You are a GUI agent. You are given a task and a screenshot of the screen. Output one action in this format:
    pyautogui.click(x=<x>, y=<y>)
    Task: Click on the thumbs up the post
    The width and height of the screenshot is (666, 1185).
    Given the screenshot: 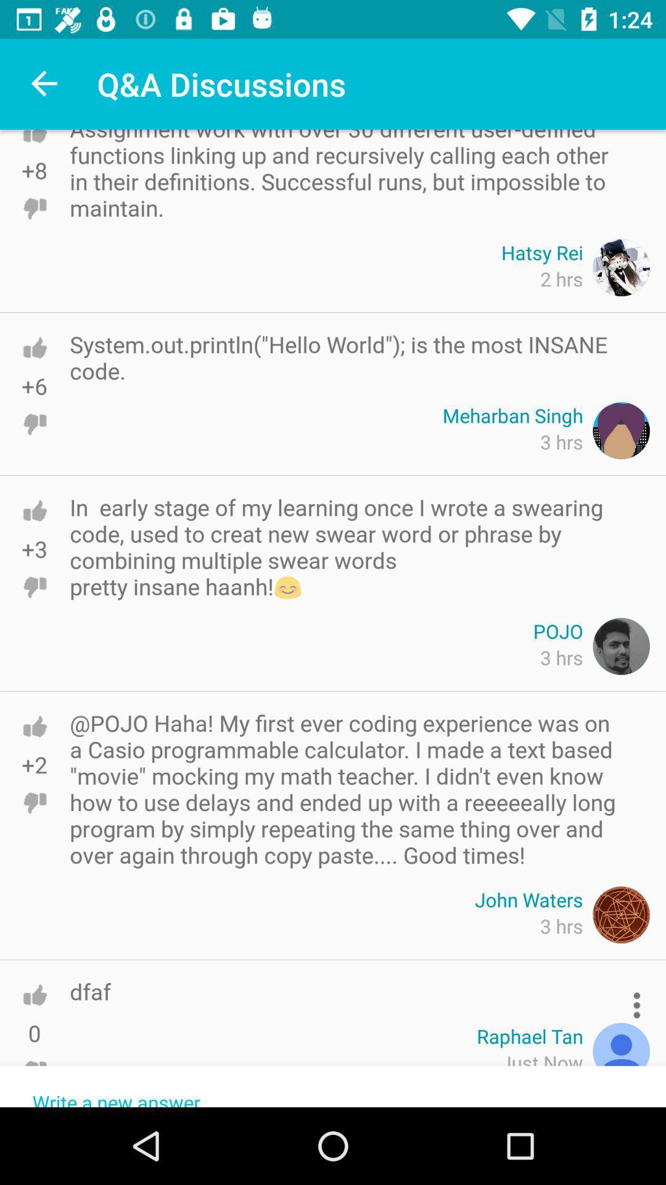 What is the action you would take?
    pyautogui.click(x=34, y=726)
    